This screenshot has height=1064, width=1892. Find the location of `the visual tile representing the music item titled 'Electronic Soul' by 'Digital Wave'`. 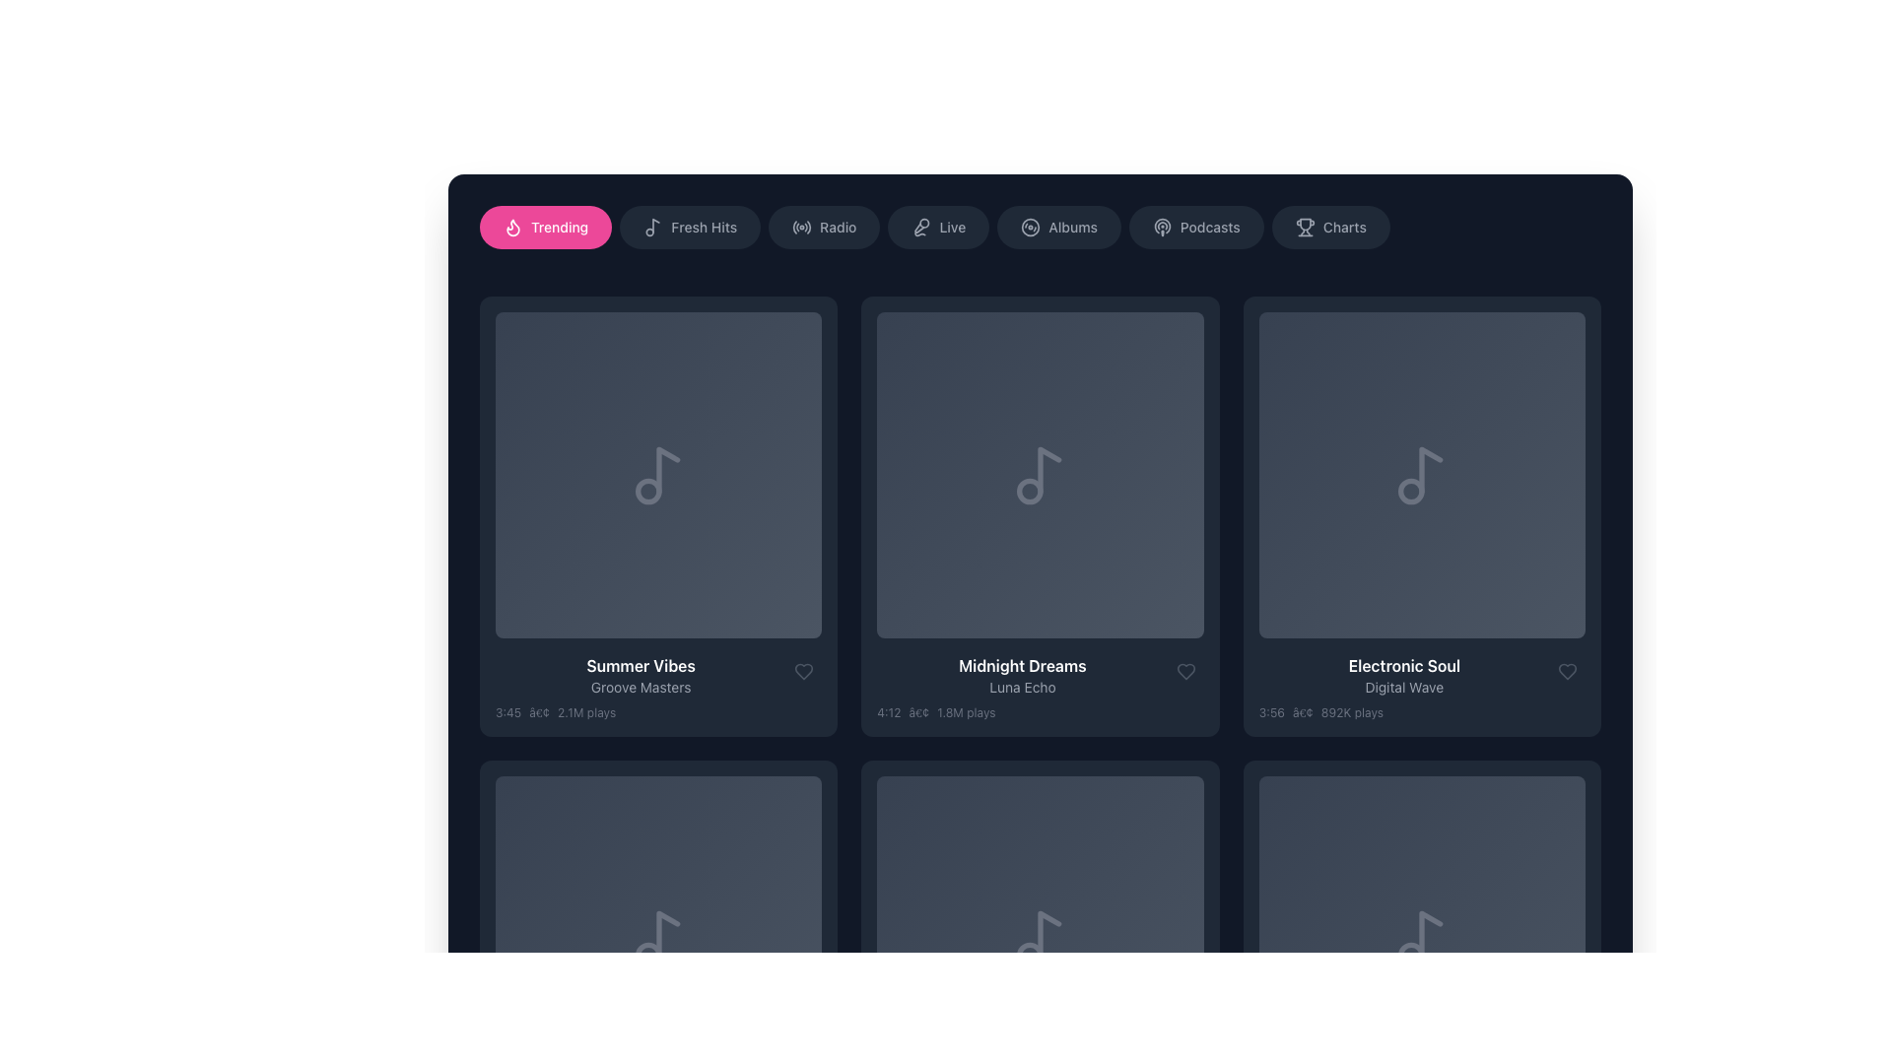

the visual tile representing the music item titled 'Electronic Soul' by 'Digital Wave' is located at coordinates (1422, 475).